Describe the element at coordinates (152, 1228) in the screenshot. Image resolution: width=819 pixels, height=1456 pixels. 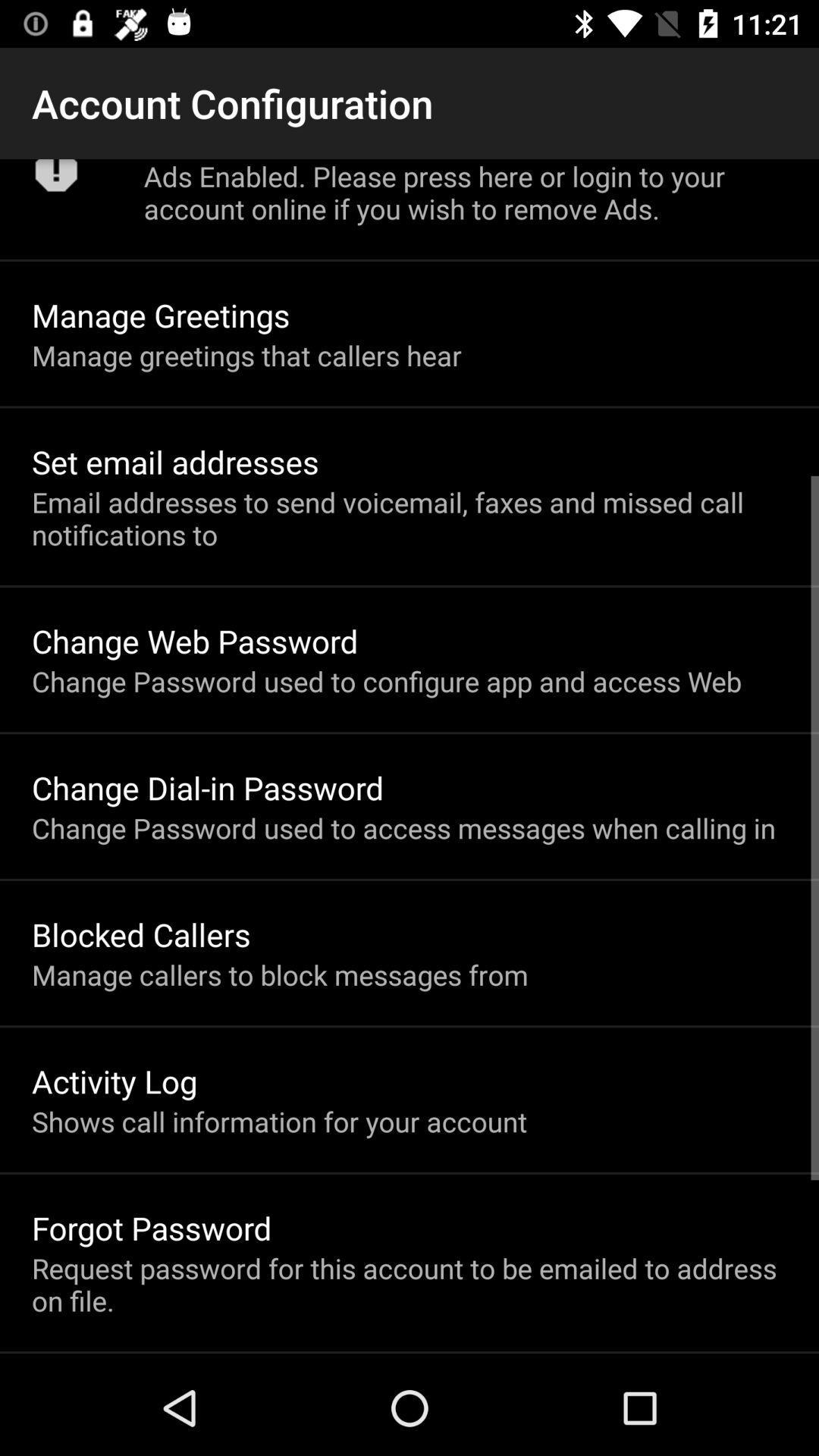
I see `app above the request password for item` at that location.